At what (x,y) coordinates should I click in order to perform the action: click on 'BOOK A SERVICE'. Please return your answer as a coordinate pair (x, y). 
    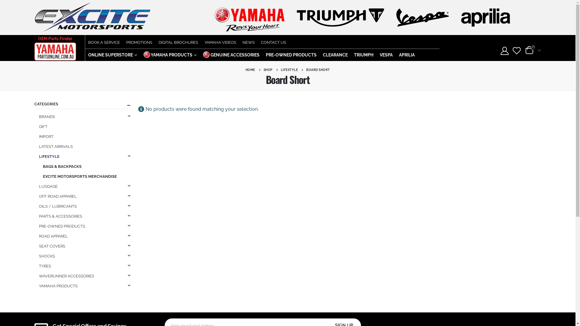
    Looking at the image, I should click on (104, 41).